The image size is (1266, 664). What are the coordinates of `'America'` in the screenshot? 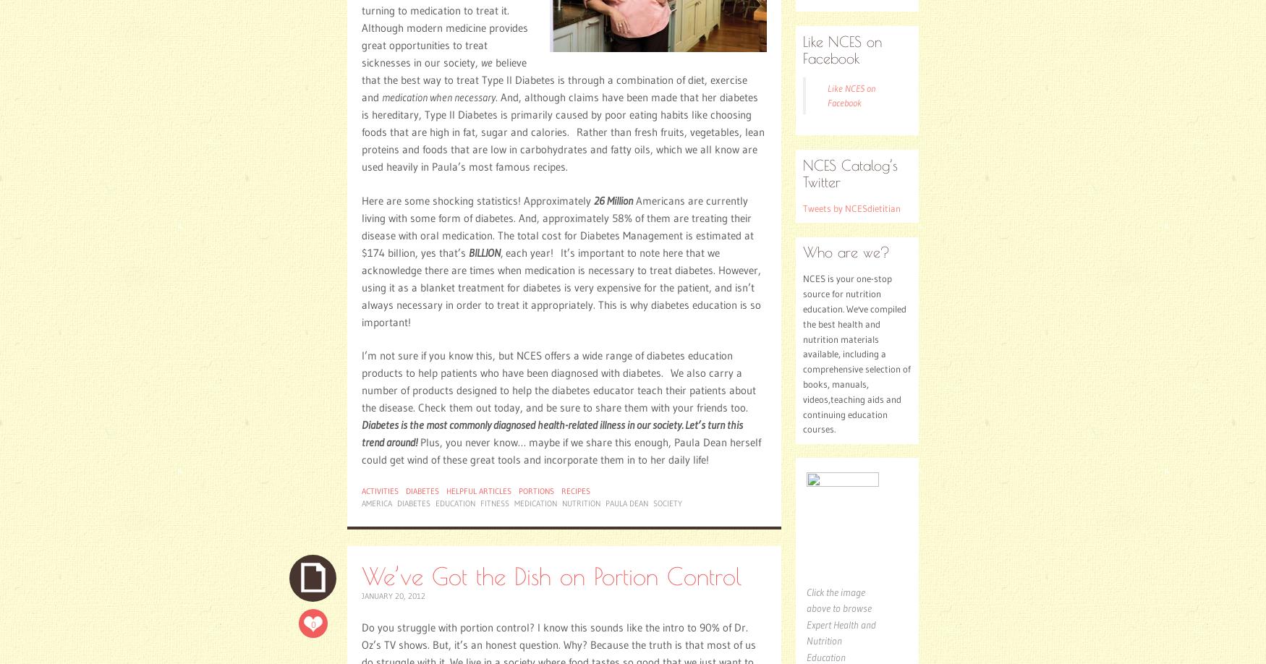 It's located at (375, 503).